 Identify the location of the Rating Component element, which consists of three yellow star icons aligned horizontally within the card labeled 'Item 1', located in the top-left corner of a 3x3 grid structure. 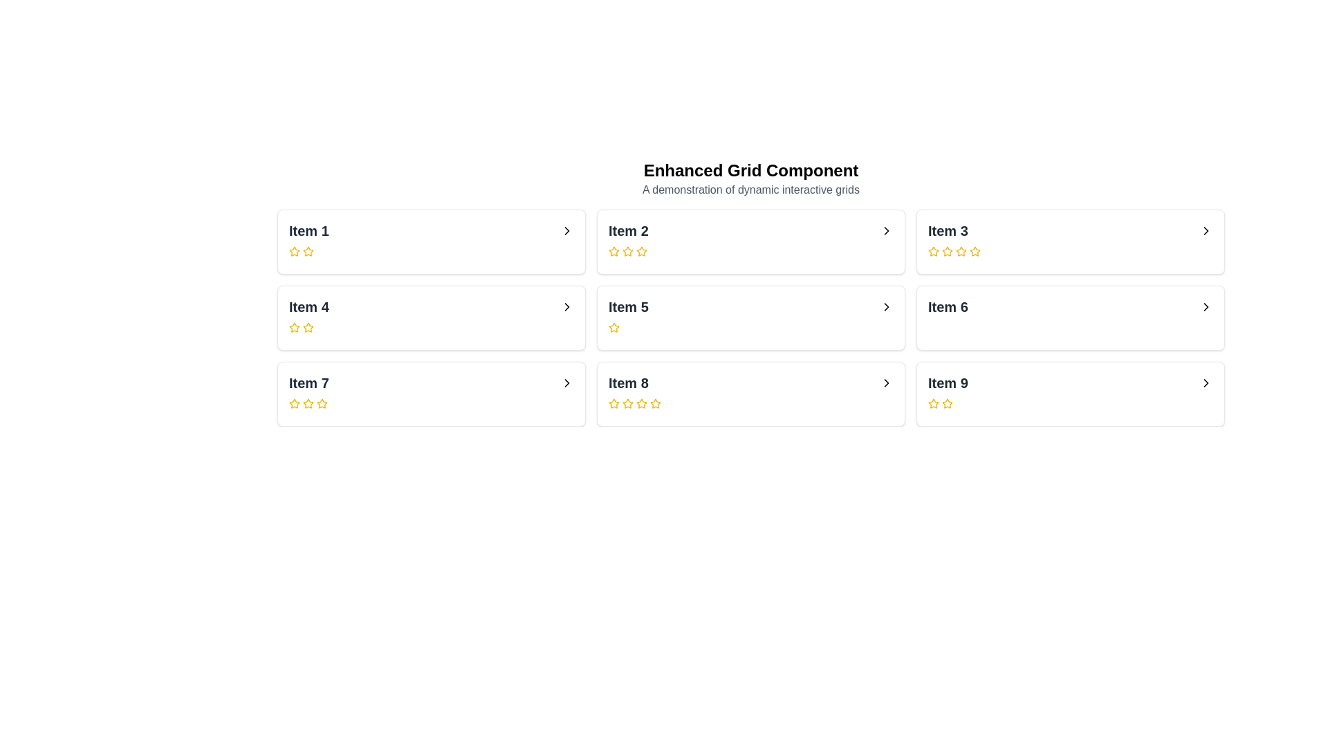
(431, 251).